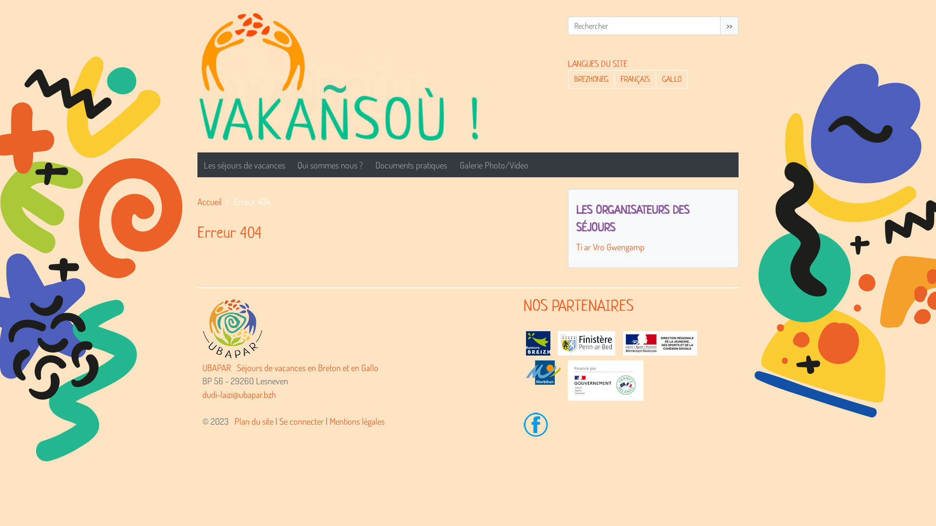  I want to click on 'Se connecter', so click(301, 420).